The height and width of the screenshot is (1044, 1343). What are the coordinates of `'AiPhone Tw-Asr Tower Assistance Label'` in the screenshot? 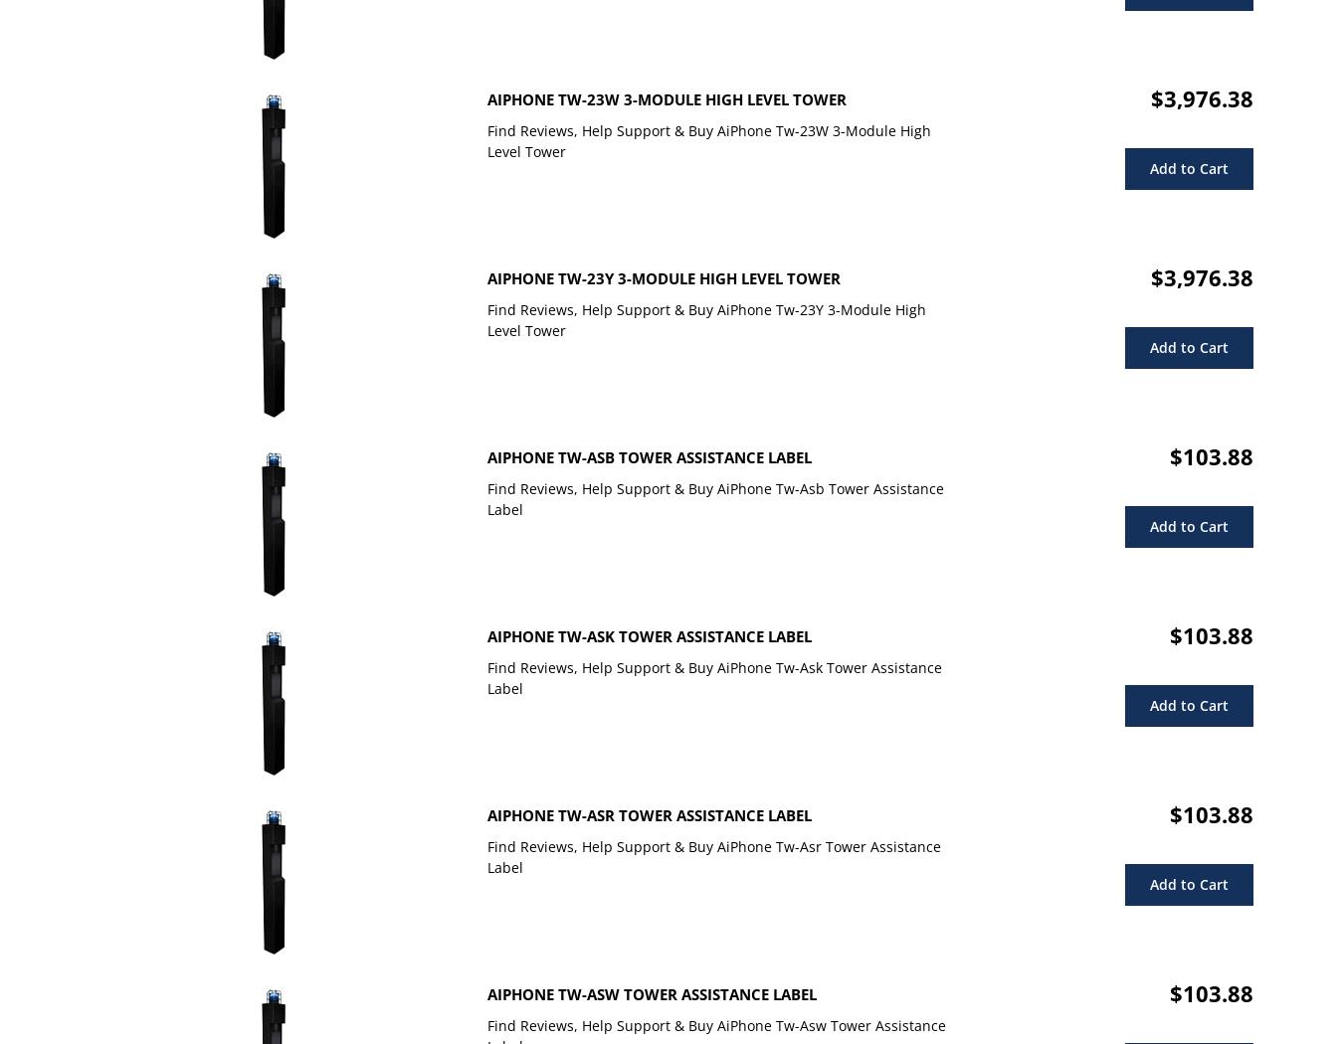 It's located at (649, 814).